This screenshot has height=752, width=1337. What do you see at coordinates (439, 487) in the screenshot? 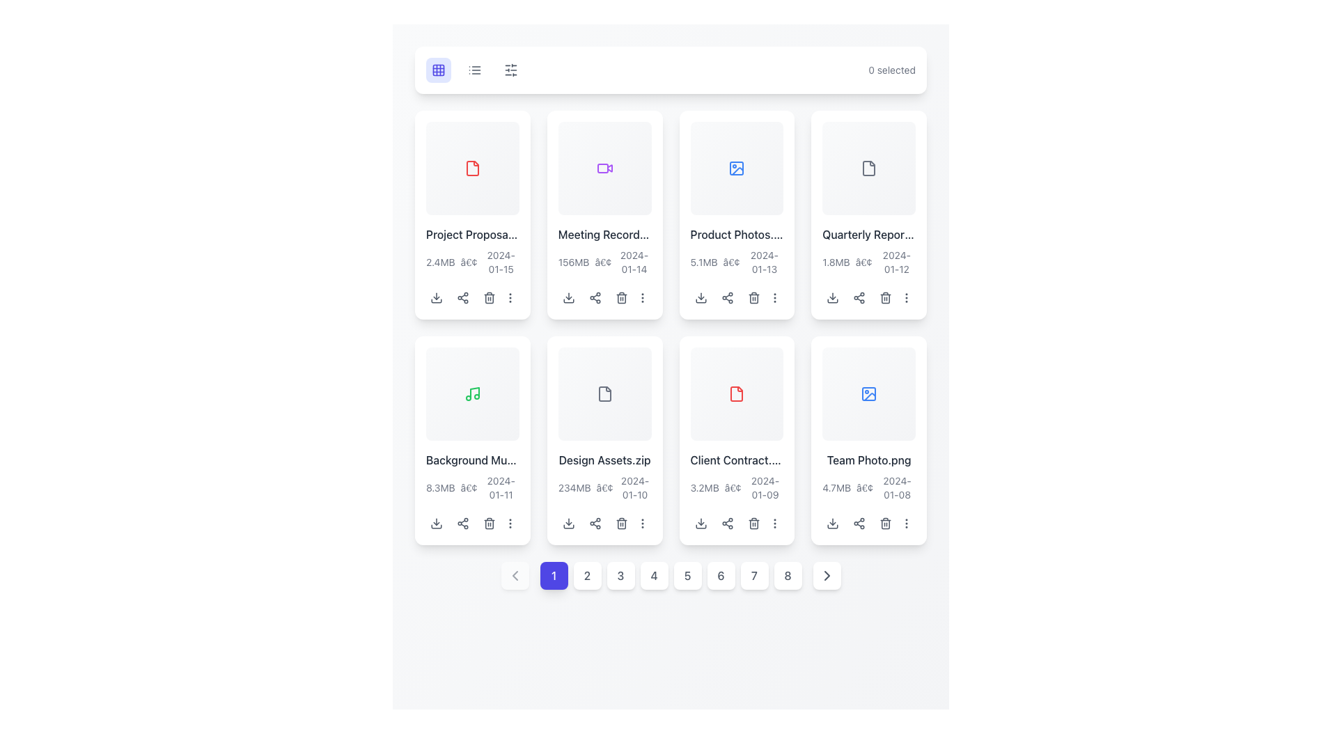
I see `the text label that displays the size information of the file labelled 'Background Music', which is located in the second row of the grid layout` at bounding box center [439, 487].